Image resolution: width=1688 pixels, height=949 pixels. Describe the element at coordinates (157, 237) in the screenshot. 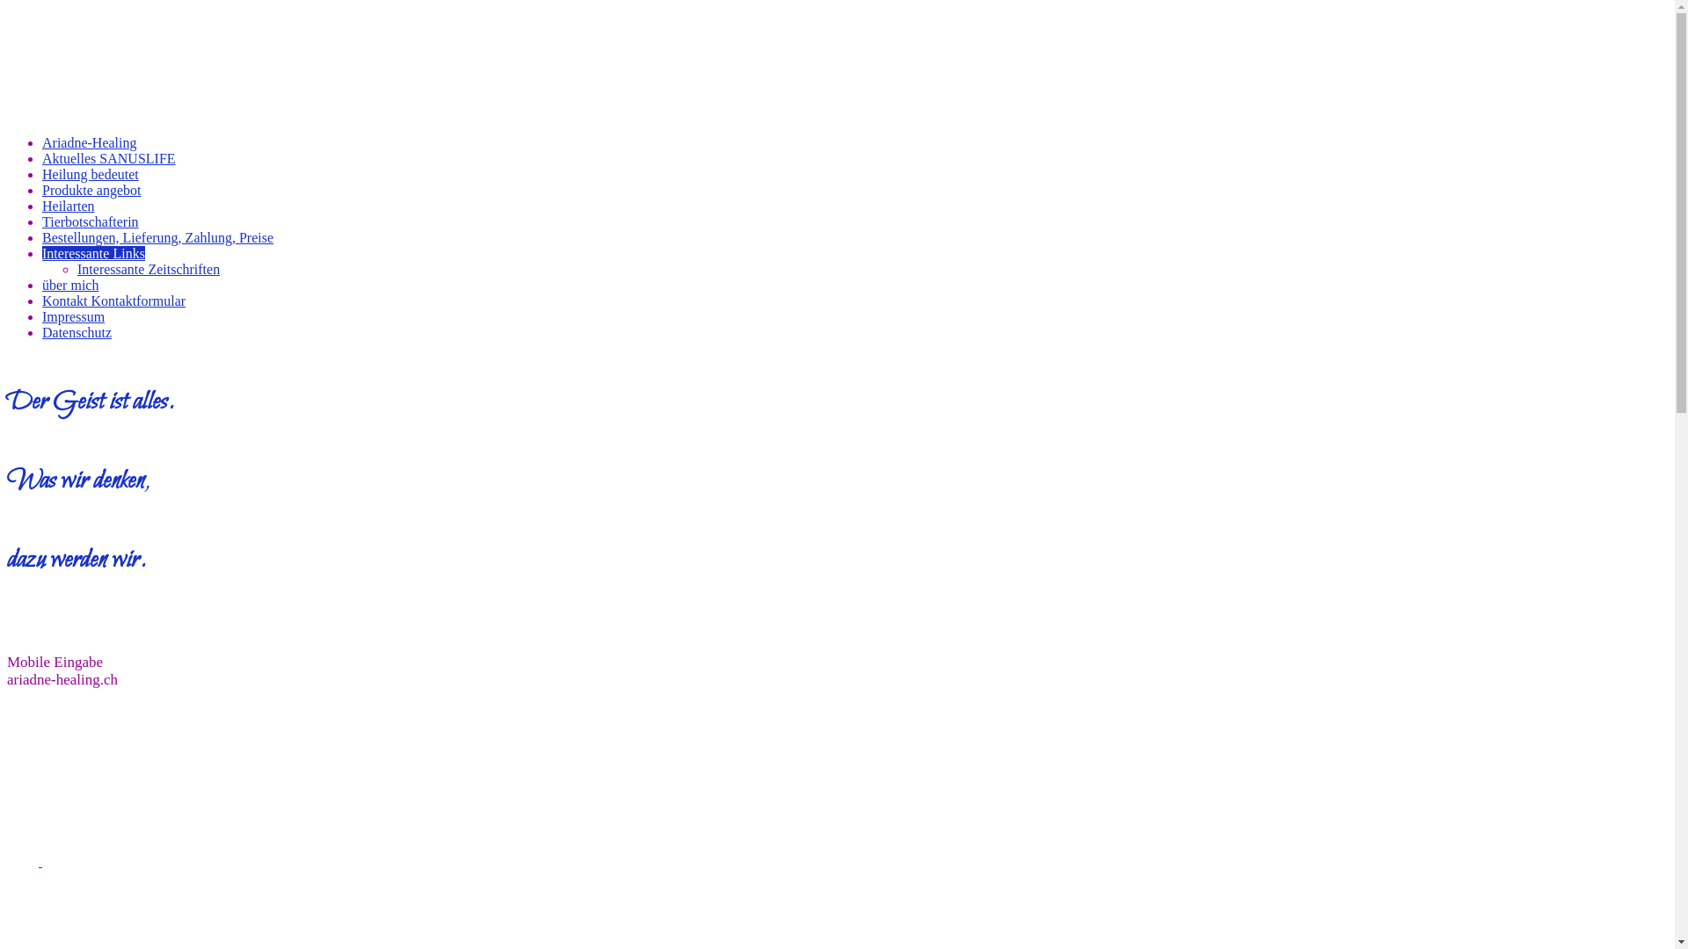

I see `'Bestellungen, Lieferung, Zahlung, Preise'` at that location.